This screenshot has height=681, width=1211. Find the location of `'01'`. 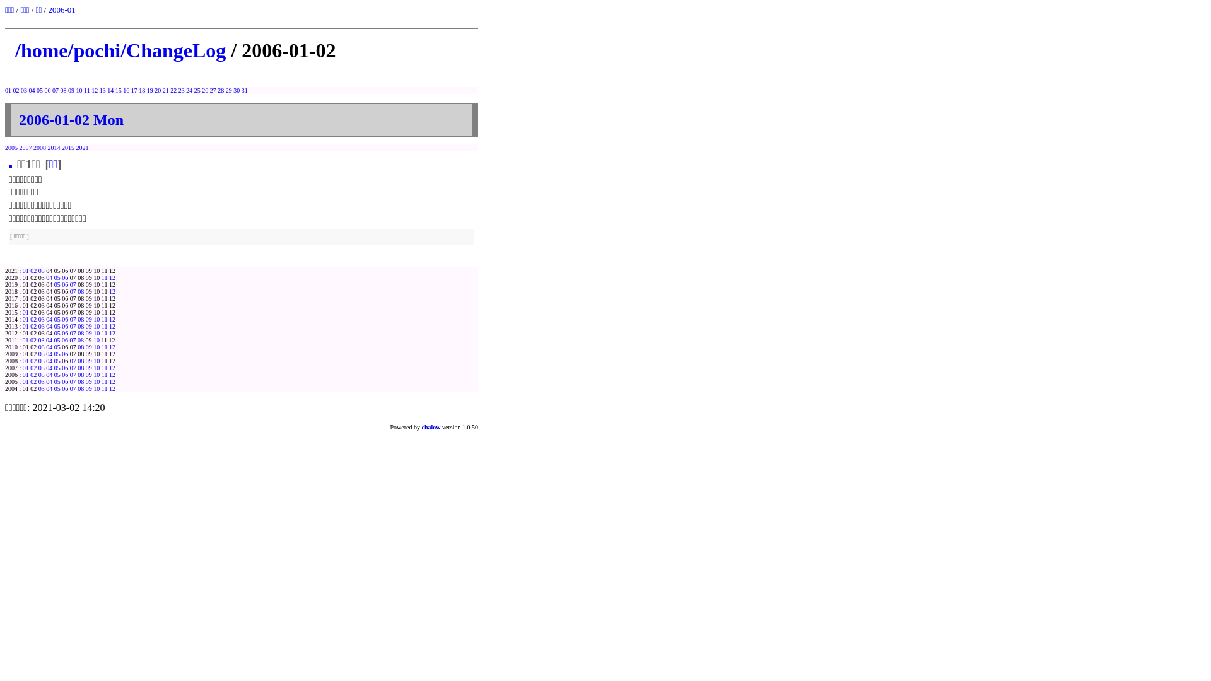

'01' is located at coordinates (26, 381).